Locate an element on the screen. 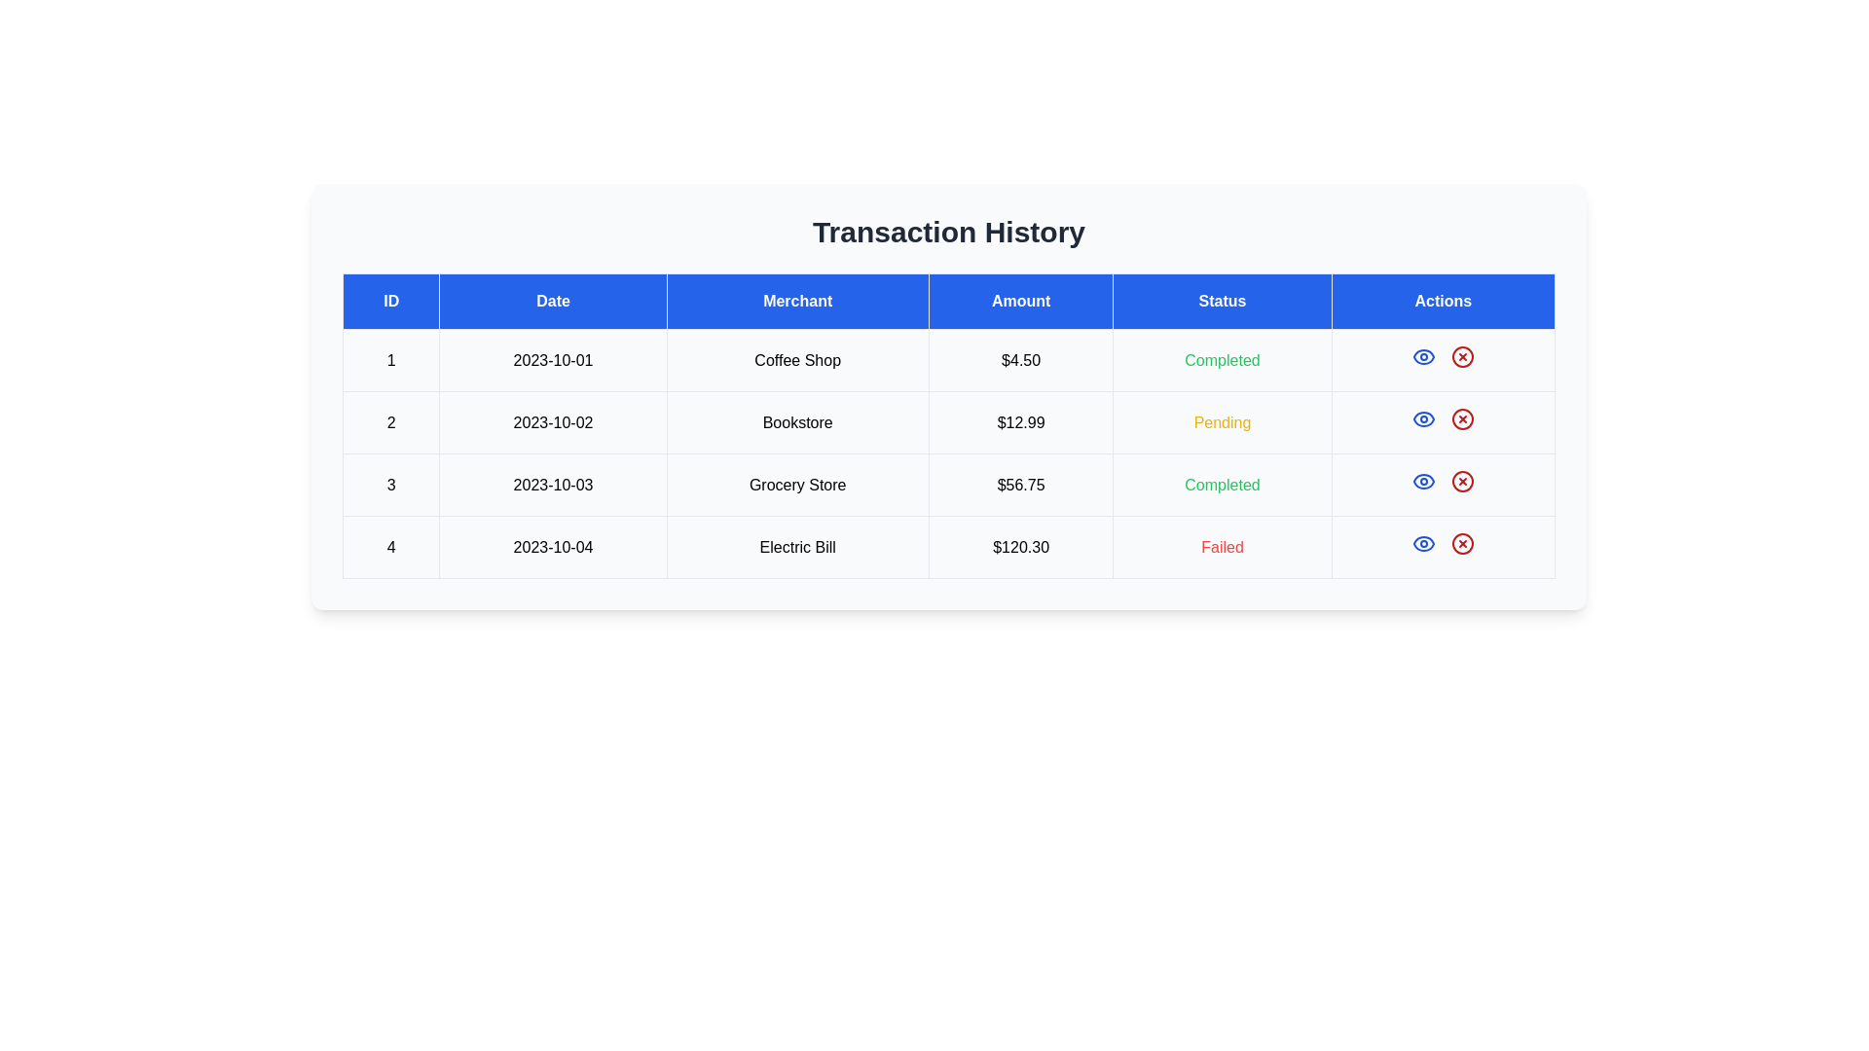 Image resolution: width=1869 pixels, height=1051 pixels. the text of transaction entry 1 is located at coordinates (948, 360).